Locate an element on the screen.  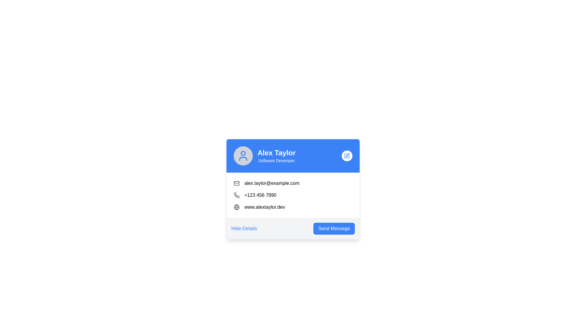
the telephone handset icon, which is styled in gray and located next to the phone number in the contact details list, to interact with nearby elements associated with this icon is located at coordinates (236, 195).